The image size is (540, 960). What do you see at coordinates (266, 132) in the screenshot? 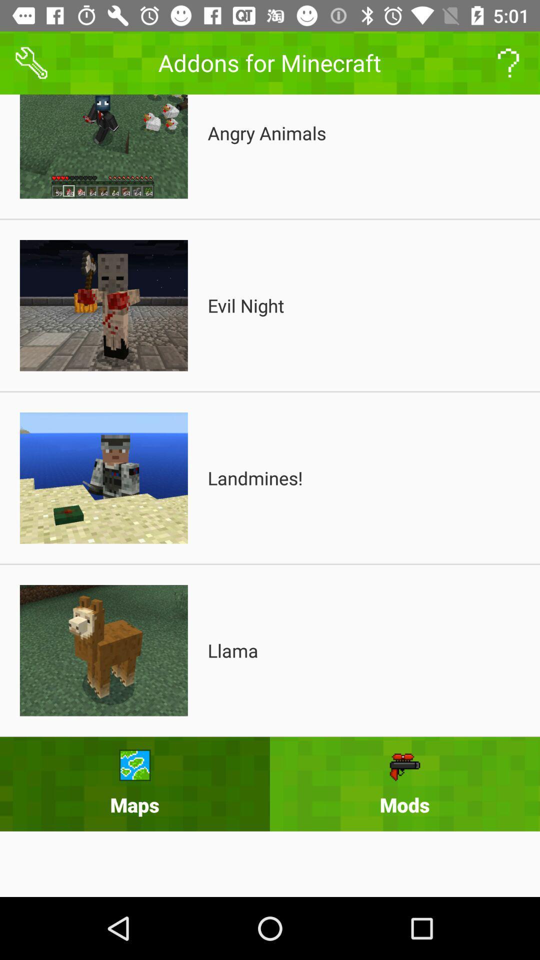
I see `item above the evil night` at bounding box center [266, 132].